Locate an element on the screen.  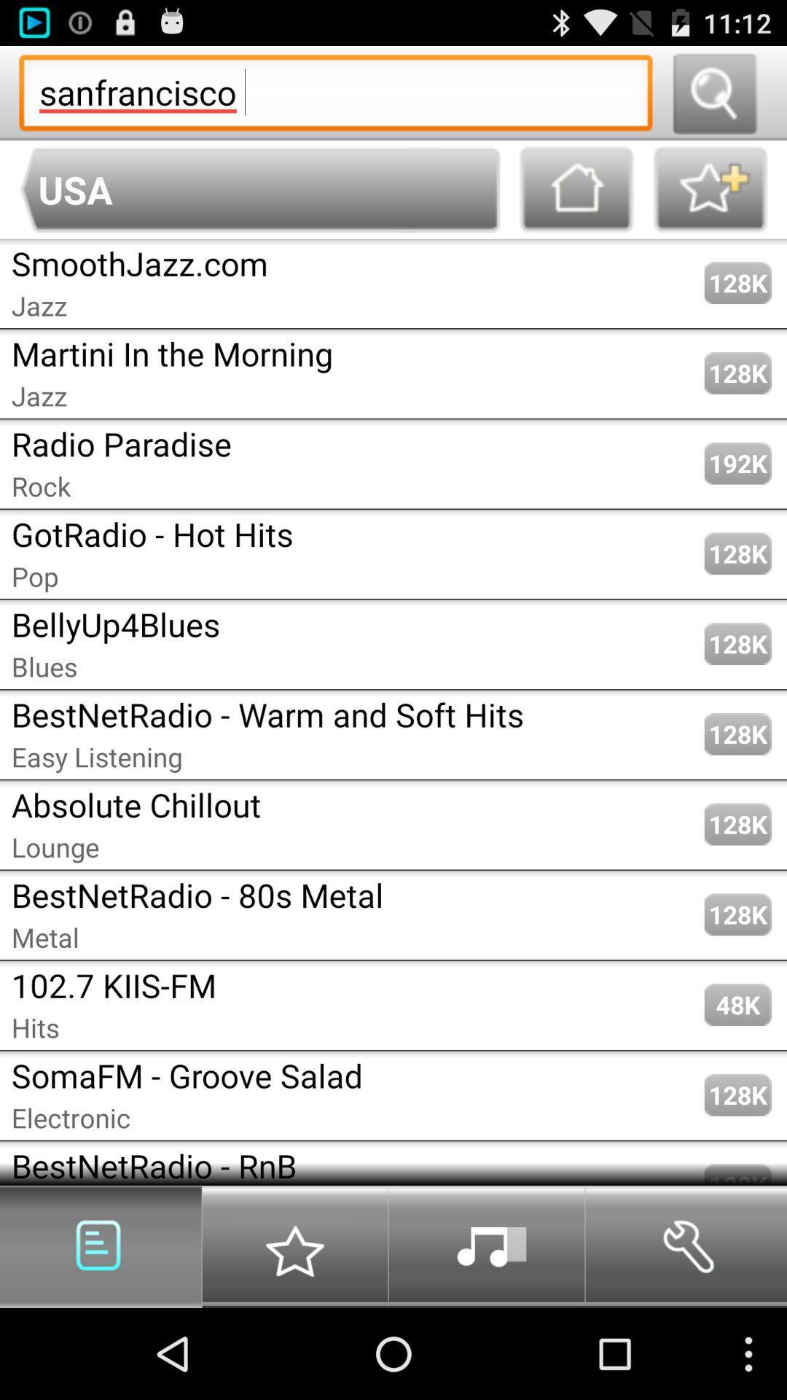
goto home is located at coordinates (576, 189).